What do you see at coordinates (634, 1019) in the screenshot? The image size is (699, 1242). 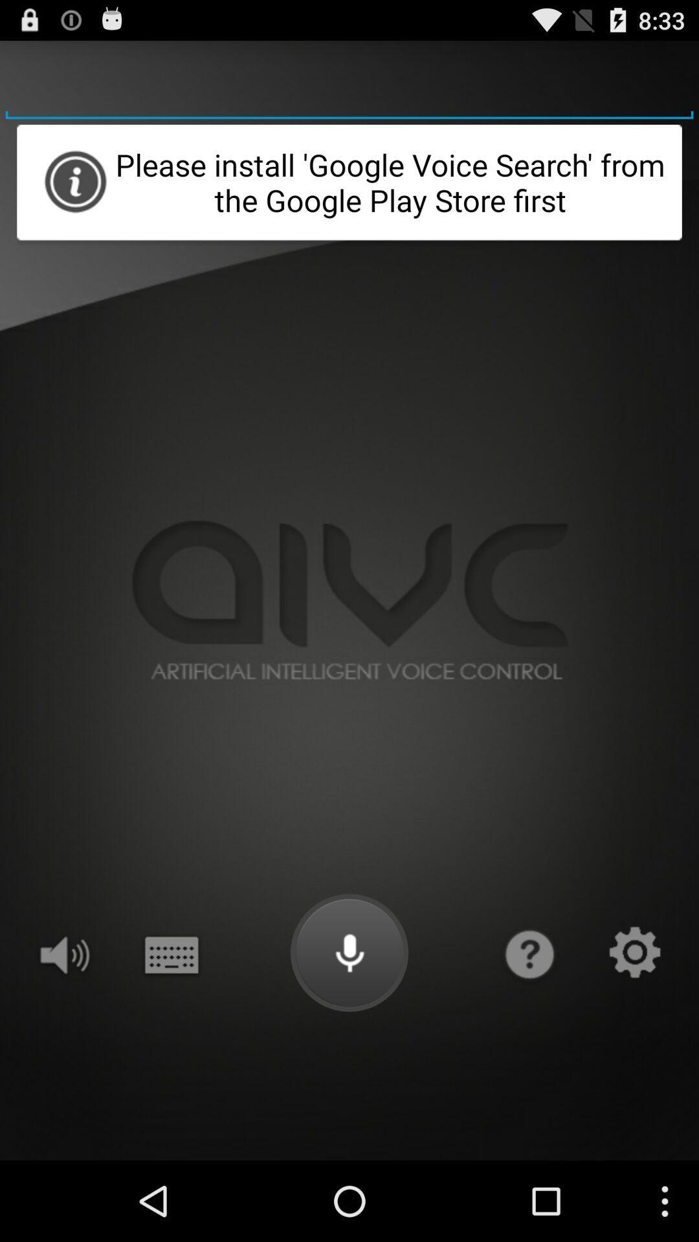 I see `the settings icon` at bounding box center [634, 1019].